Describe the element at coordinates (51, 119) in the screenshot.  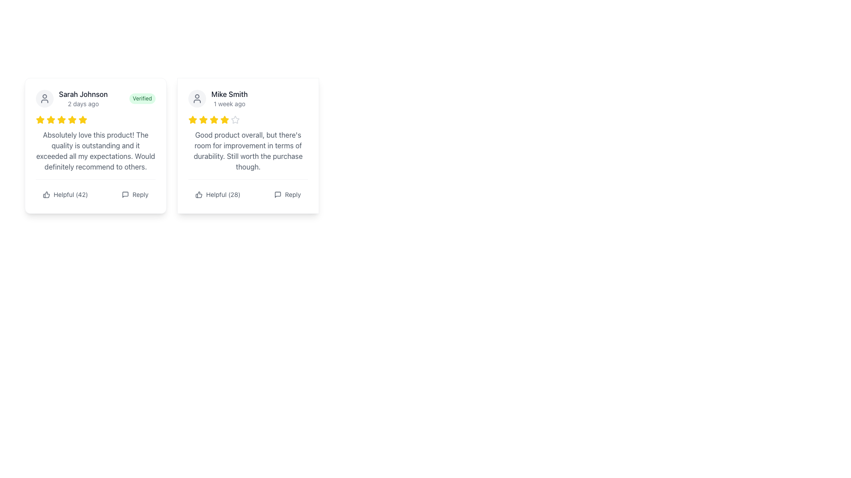
I see `the first star icon in the 5-star rating system located at the top portion of the left card containing the review from 'Sarah Johnson'` at that location.